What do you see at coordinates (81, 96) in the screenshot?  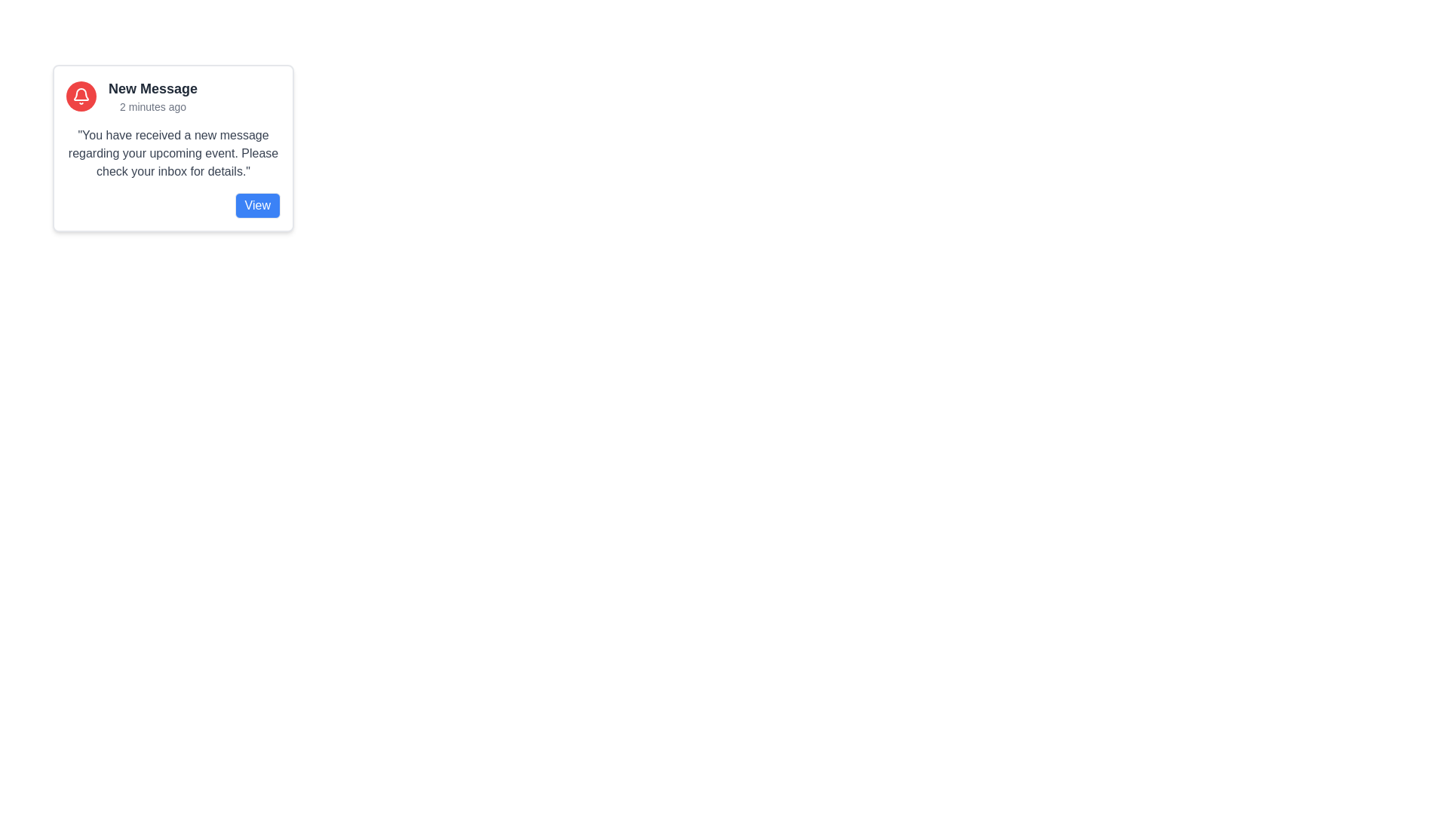 I see `the Icon Badge located at the top-left corner of the notification card, adjacent to the title 'New Message'` at bounding box center [81, 96].